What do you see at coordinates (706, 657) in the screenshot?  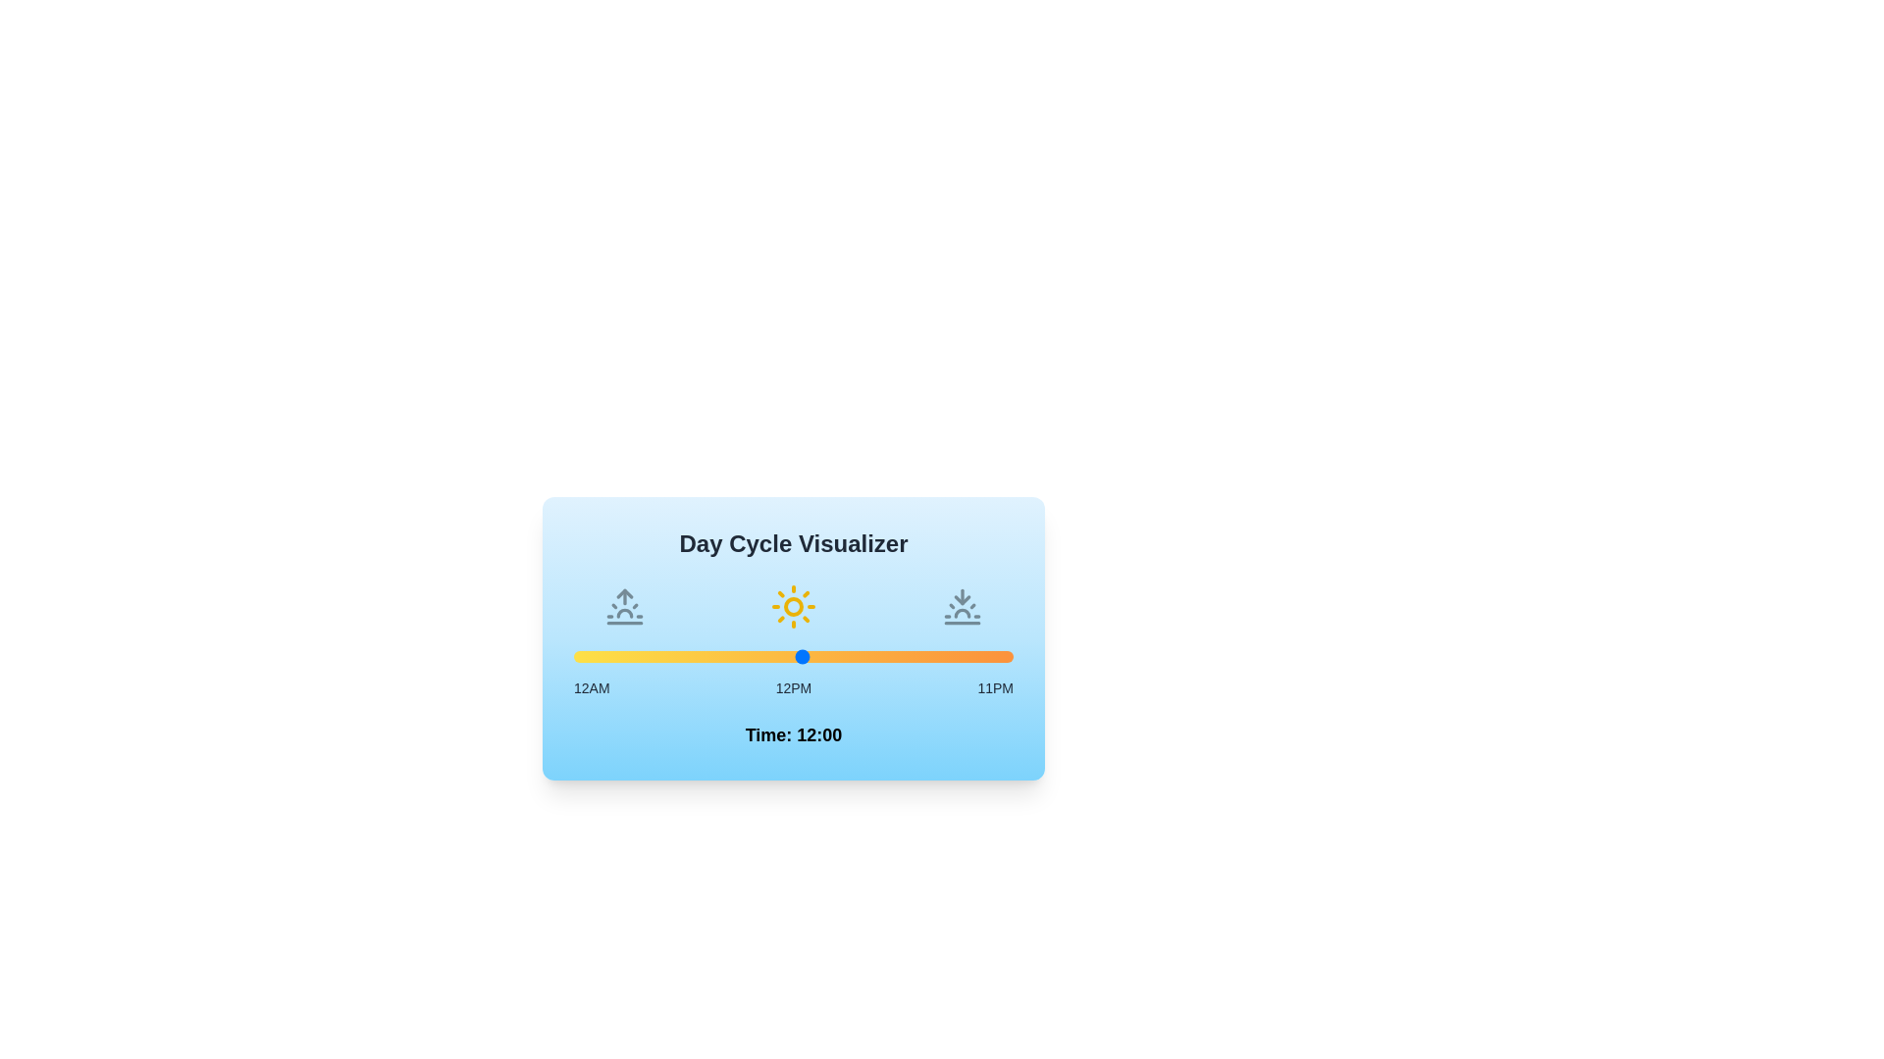 I see `the time to 7 by moving the slider` at bounding box center [706, 657].